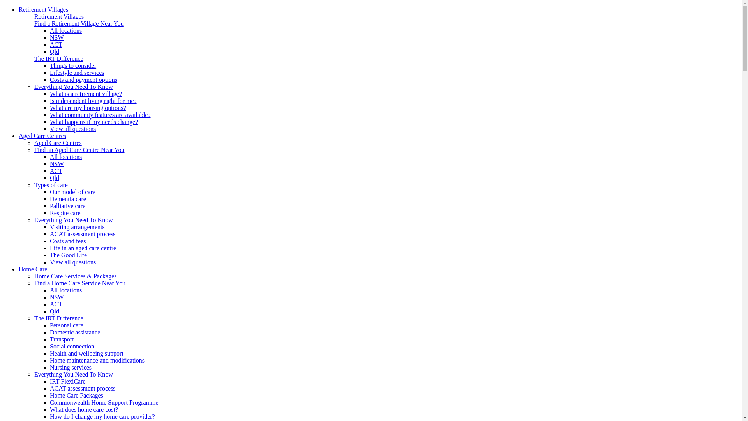 The height and width of the screenshot is (421, 748). I want to click on 'Retirement Villages', so click(43, 9).